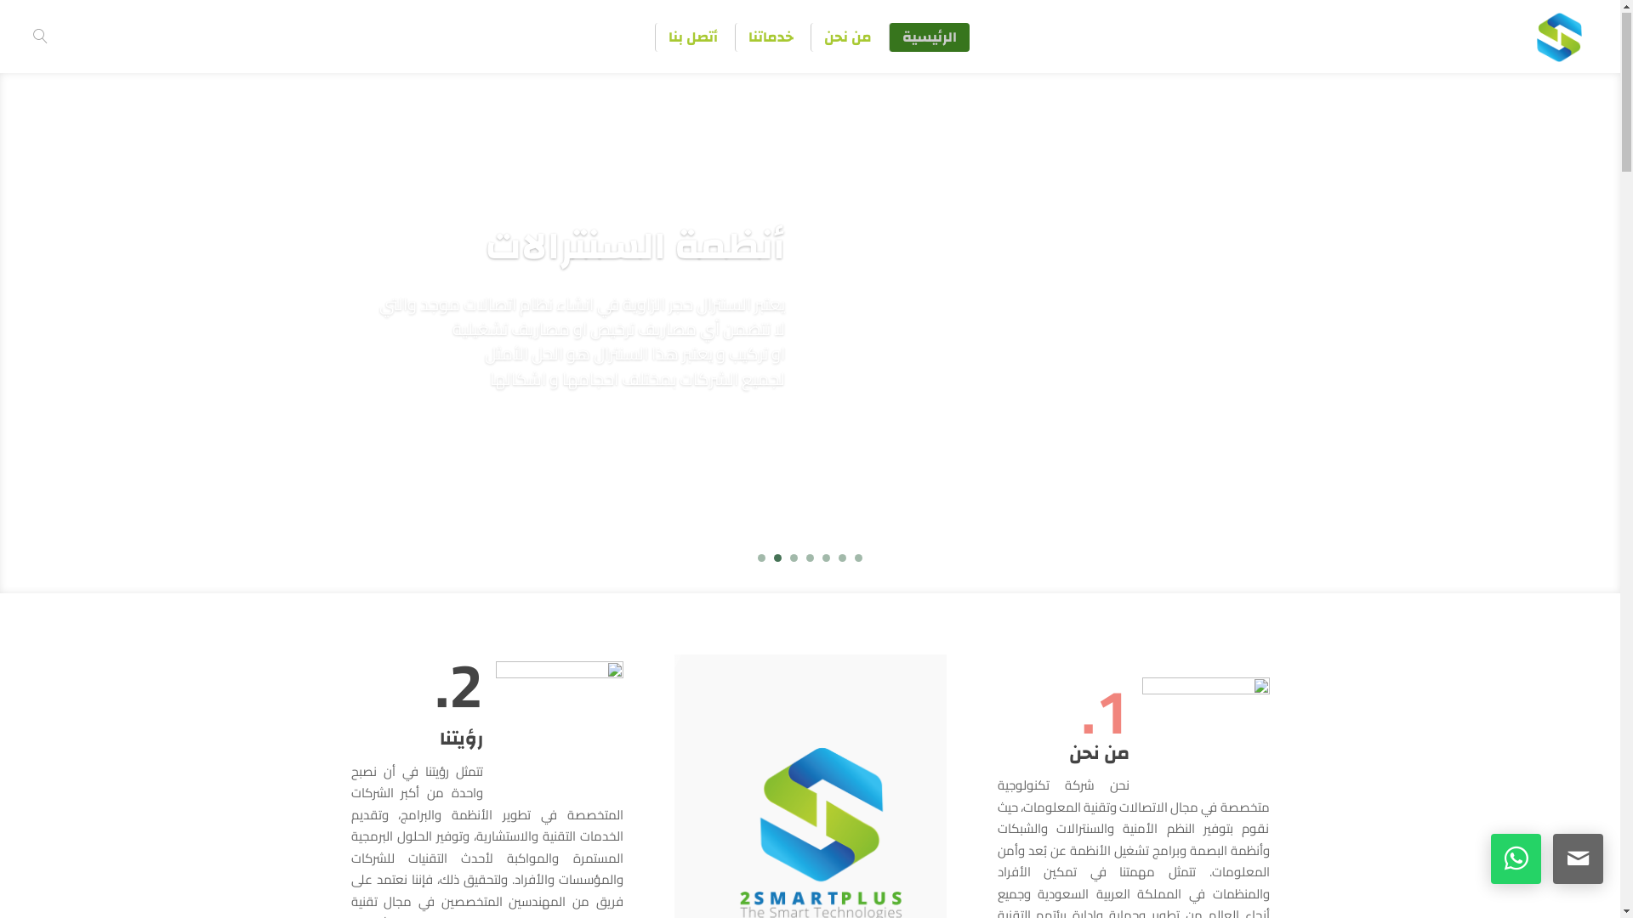 The width and height of the screenshot is (1633, 918). What do you see at coordinates (826, 558) in the screenshot?
I see `'3'` at bounding box center [826, 558].